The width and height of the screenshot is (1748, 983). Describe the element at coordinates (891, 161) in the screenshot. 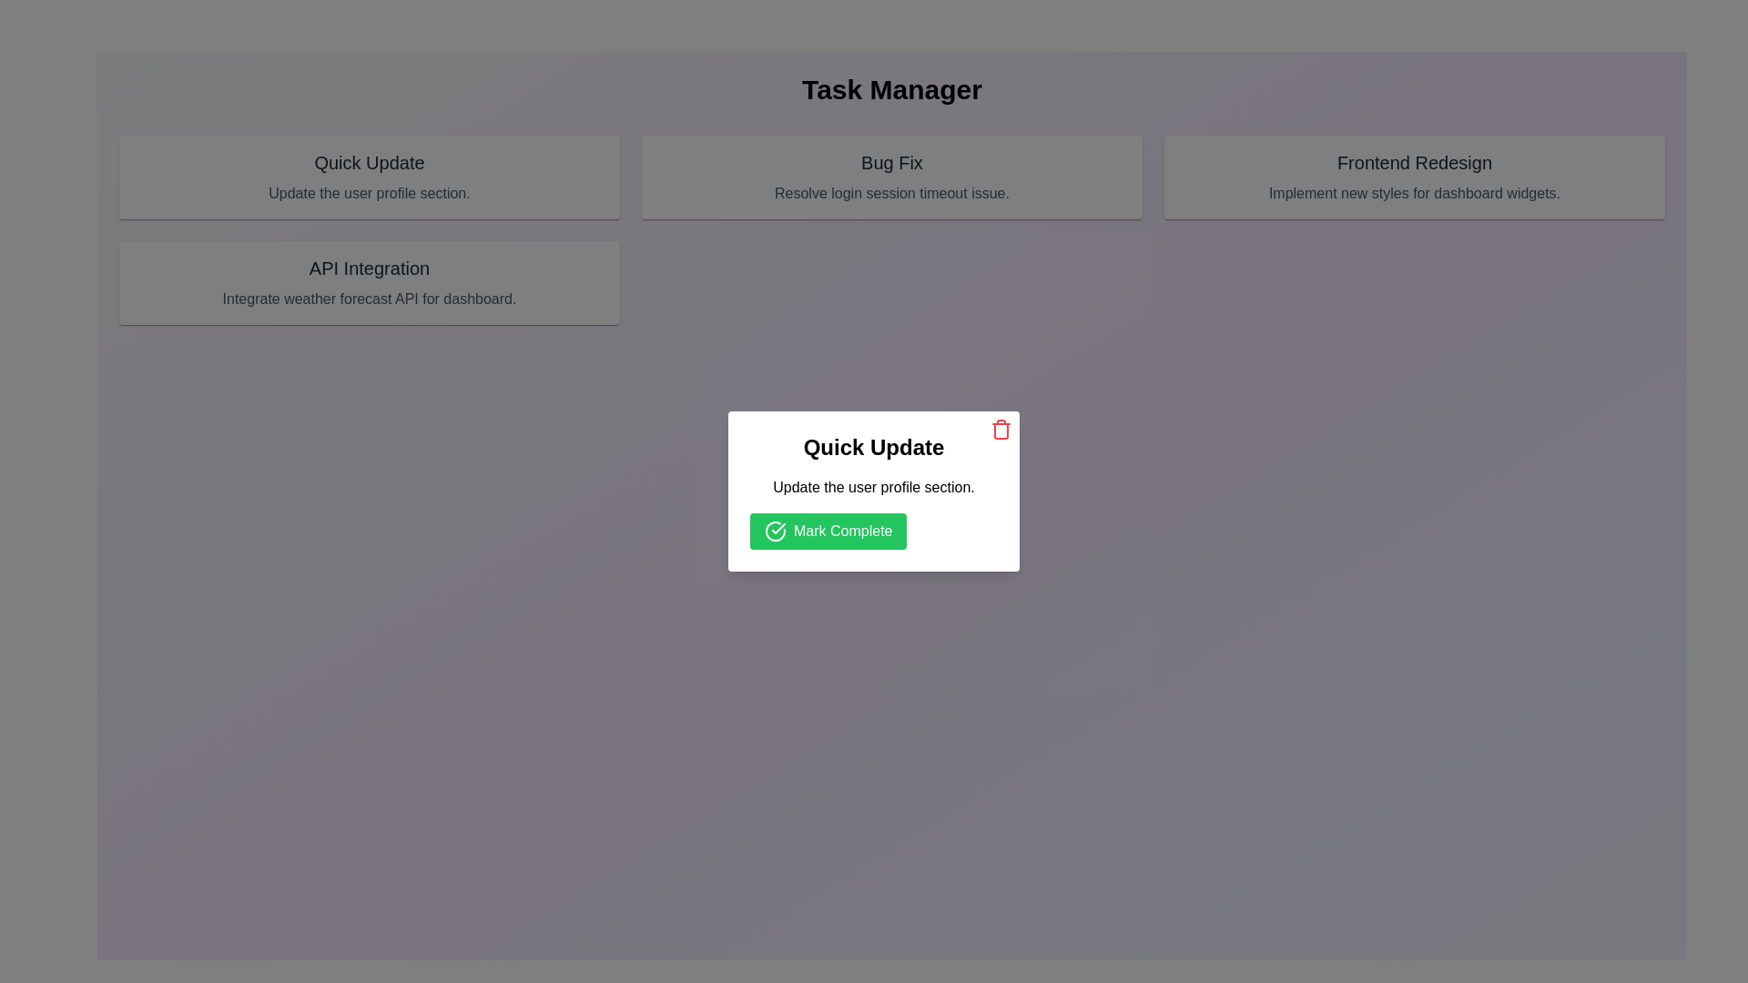

I see `text displayed in the 'Bug Fix' text label, which is located at the top of a content card in the center of the grid layout` at that location.